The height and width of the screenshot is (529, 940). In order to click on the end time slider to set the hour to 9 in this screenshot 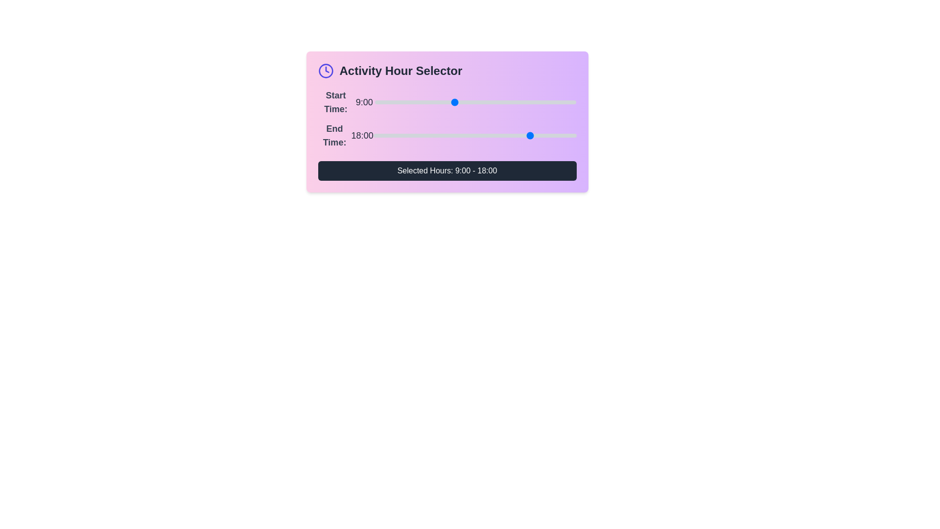, I will do `click(452, 136)`.